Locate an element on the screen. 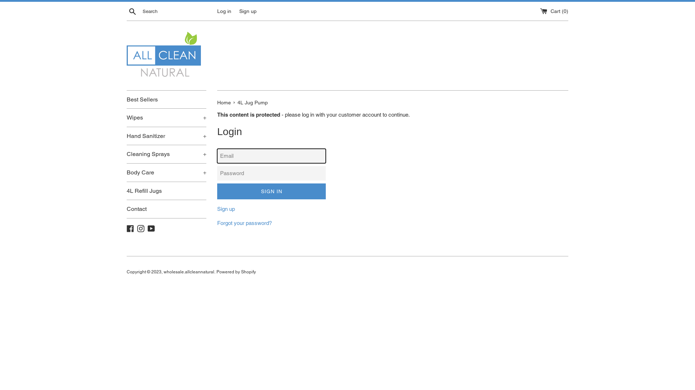 The image size is (695, 390). 'Sign up' is located at coordinates (226, 209).